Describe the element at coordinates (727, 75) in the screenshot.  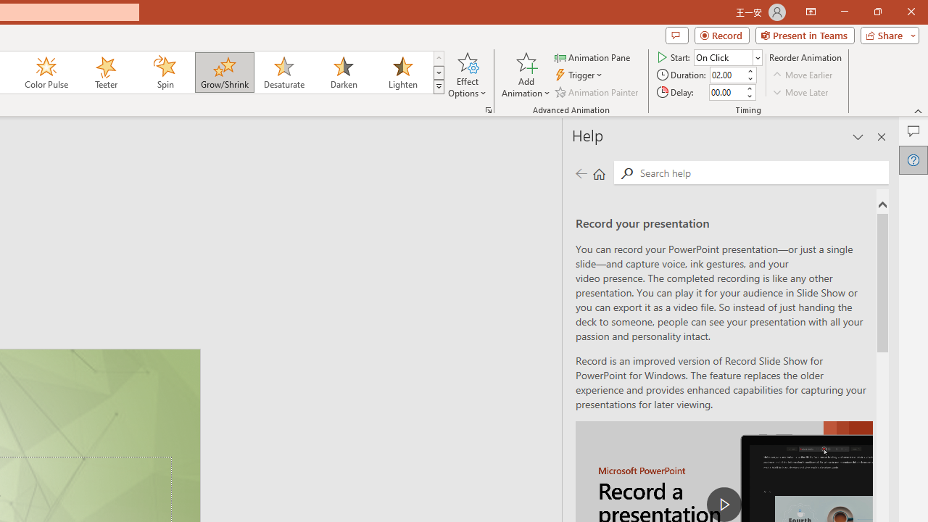
I see `'Animation Duration'` at that location.